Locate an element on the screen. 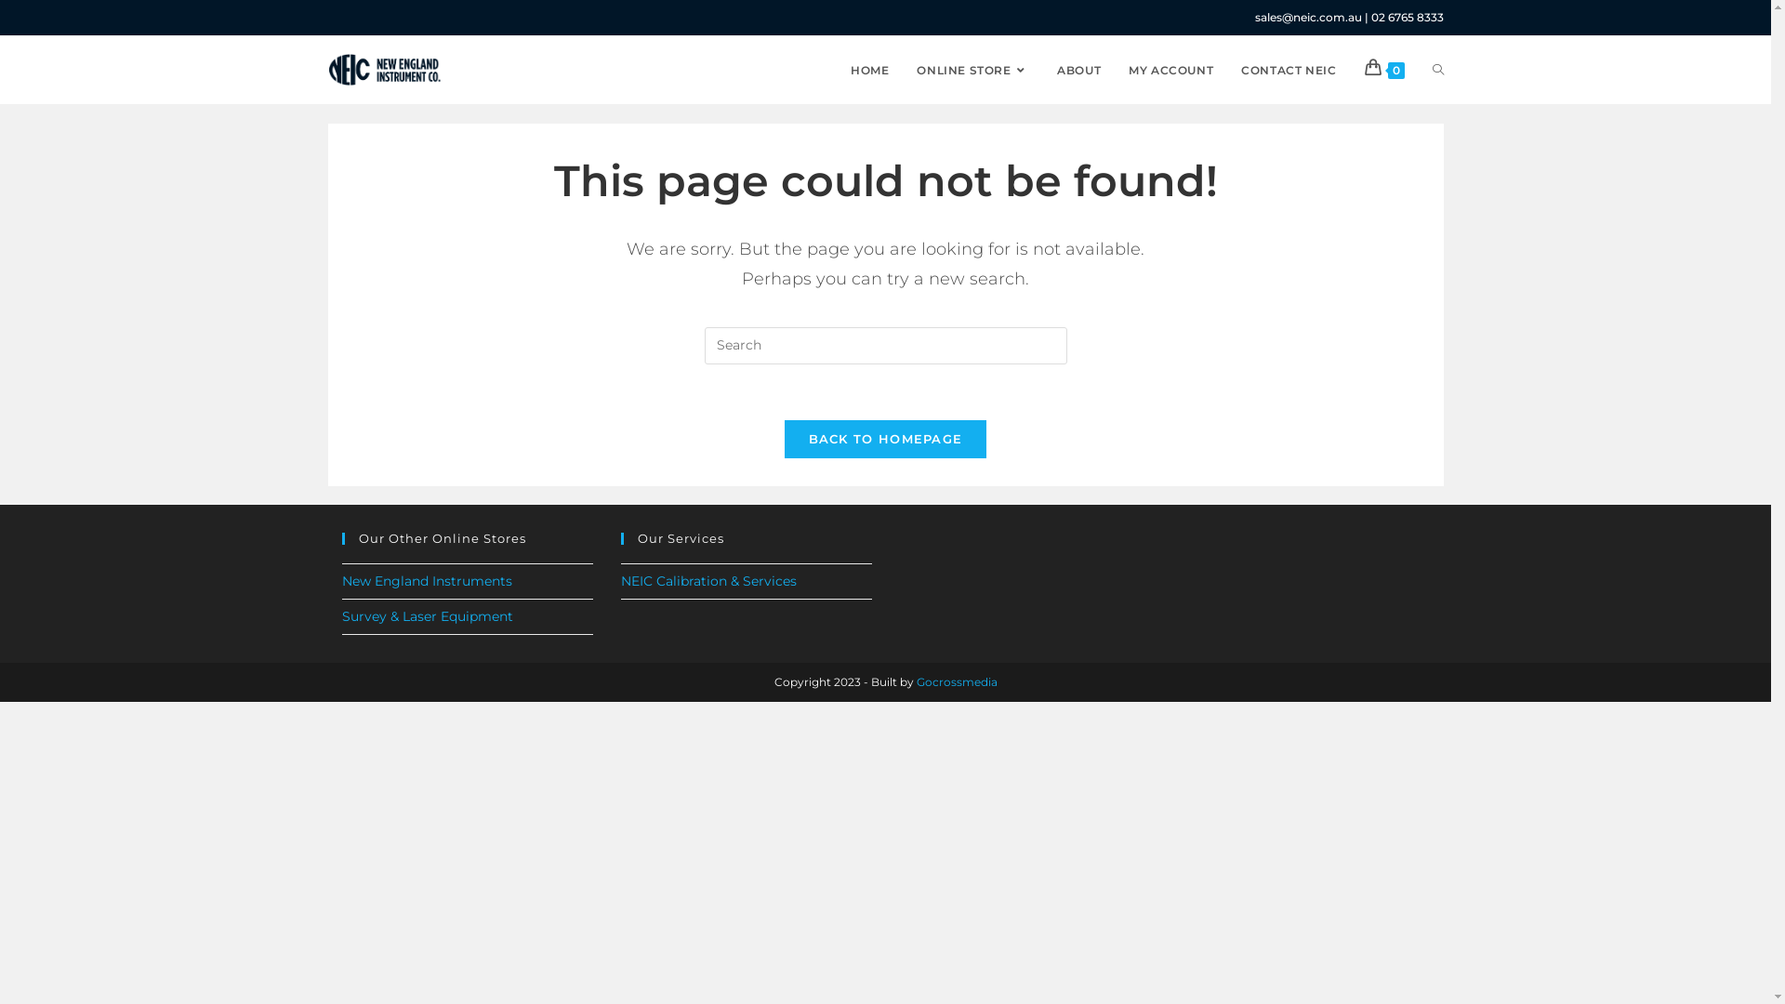 The width and height of the screenshot is (1785, 1004). 'NEIC Calibration & Services' is located at coordinates (707, 579).